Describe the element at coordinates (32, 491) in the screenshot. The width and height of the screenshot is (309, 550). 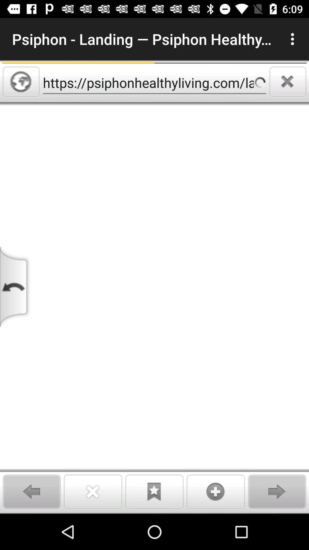
I see `an arrow that points to the left that will go backwards when pressed` at that location.